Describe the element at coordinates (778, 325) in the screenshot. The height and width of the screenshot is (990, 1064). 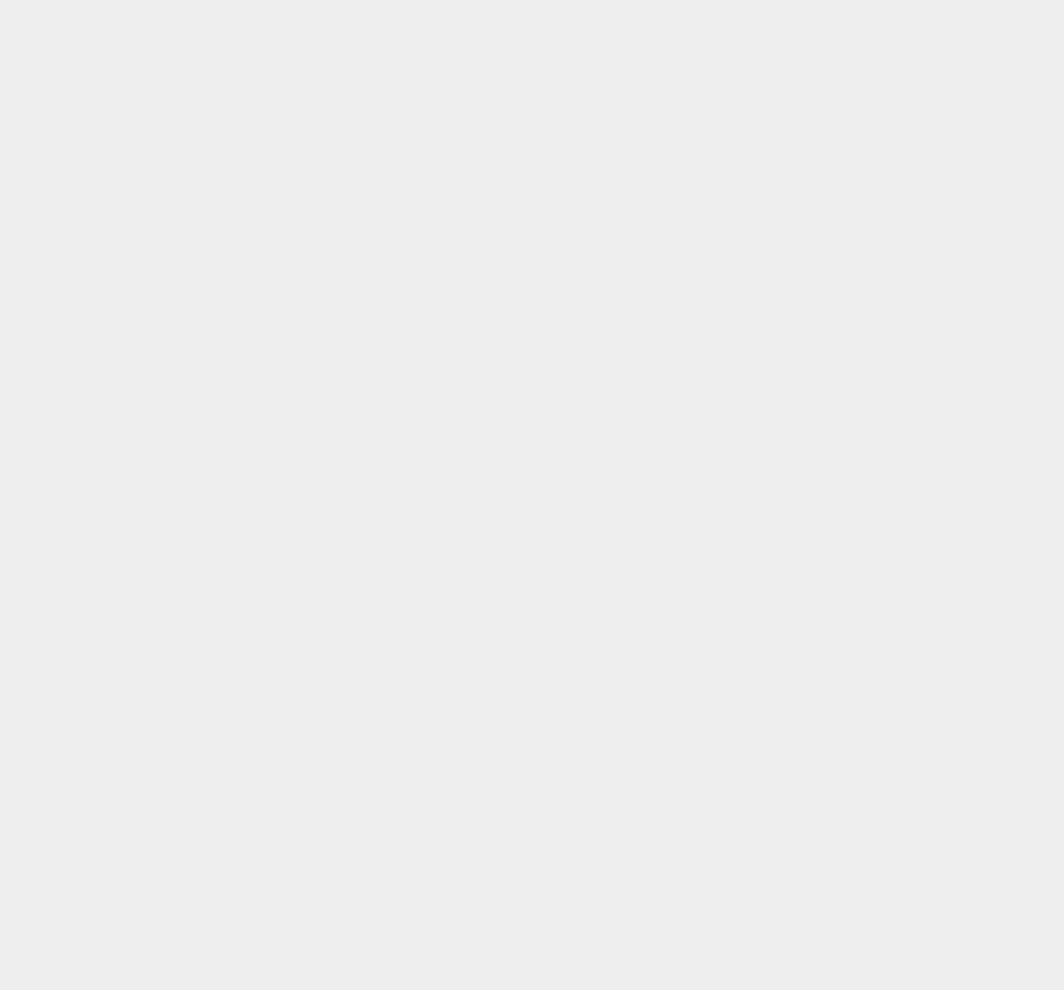
I see `'Android 9'` at that location.